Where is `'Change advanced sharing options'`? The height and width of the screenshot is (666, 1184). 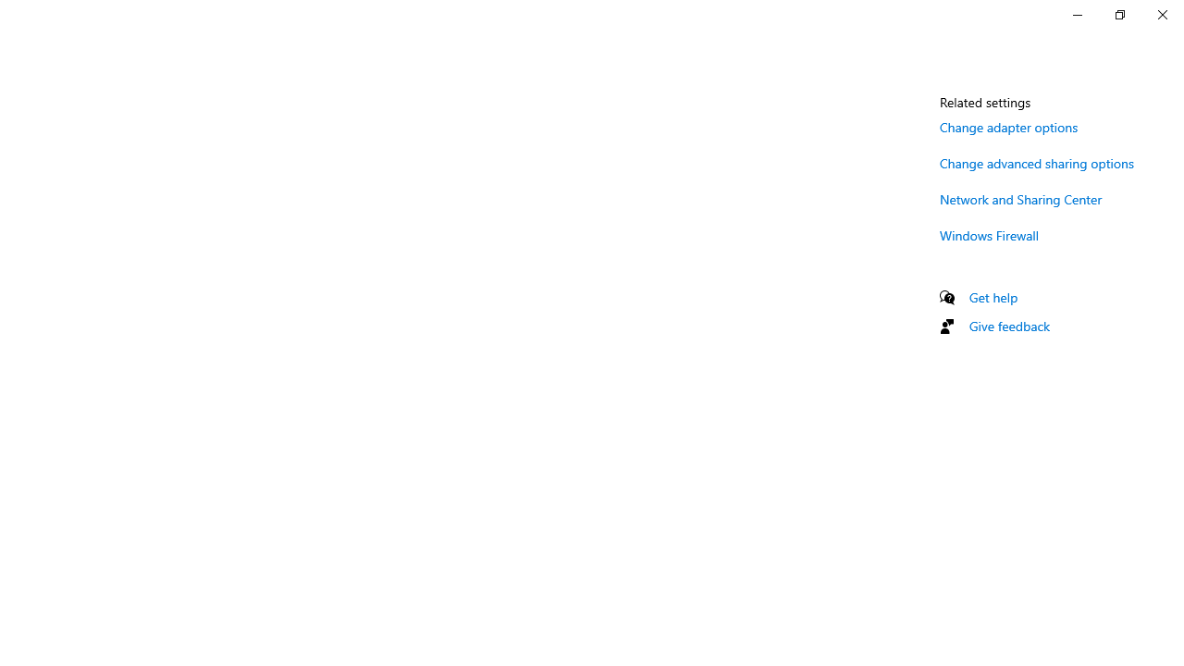
'Change advanced sharing options' is located at coordinates (1037, 162).